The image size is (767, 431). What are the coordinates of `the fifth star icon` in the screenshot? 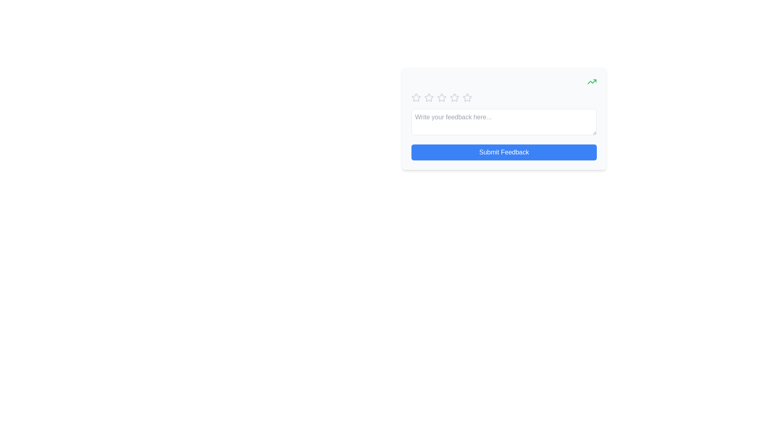 It's located at (467, 97).